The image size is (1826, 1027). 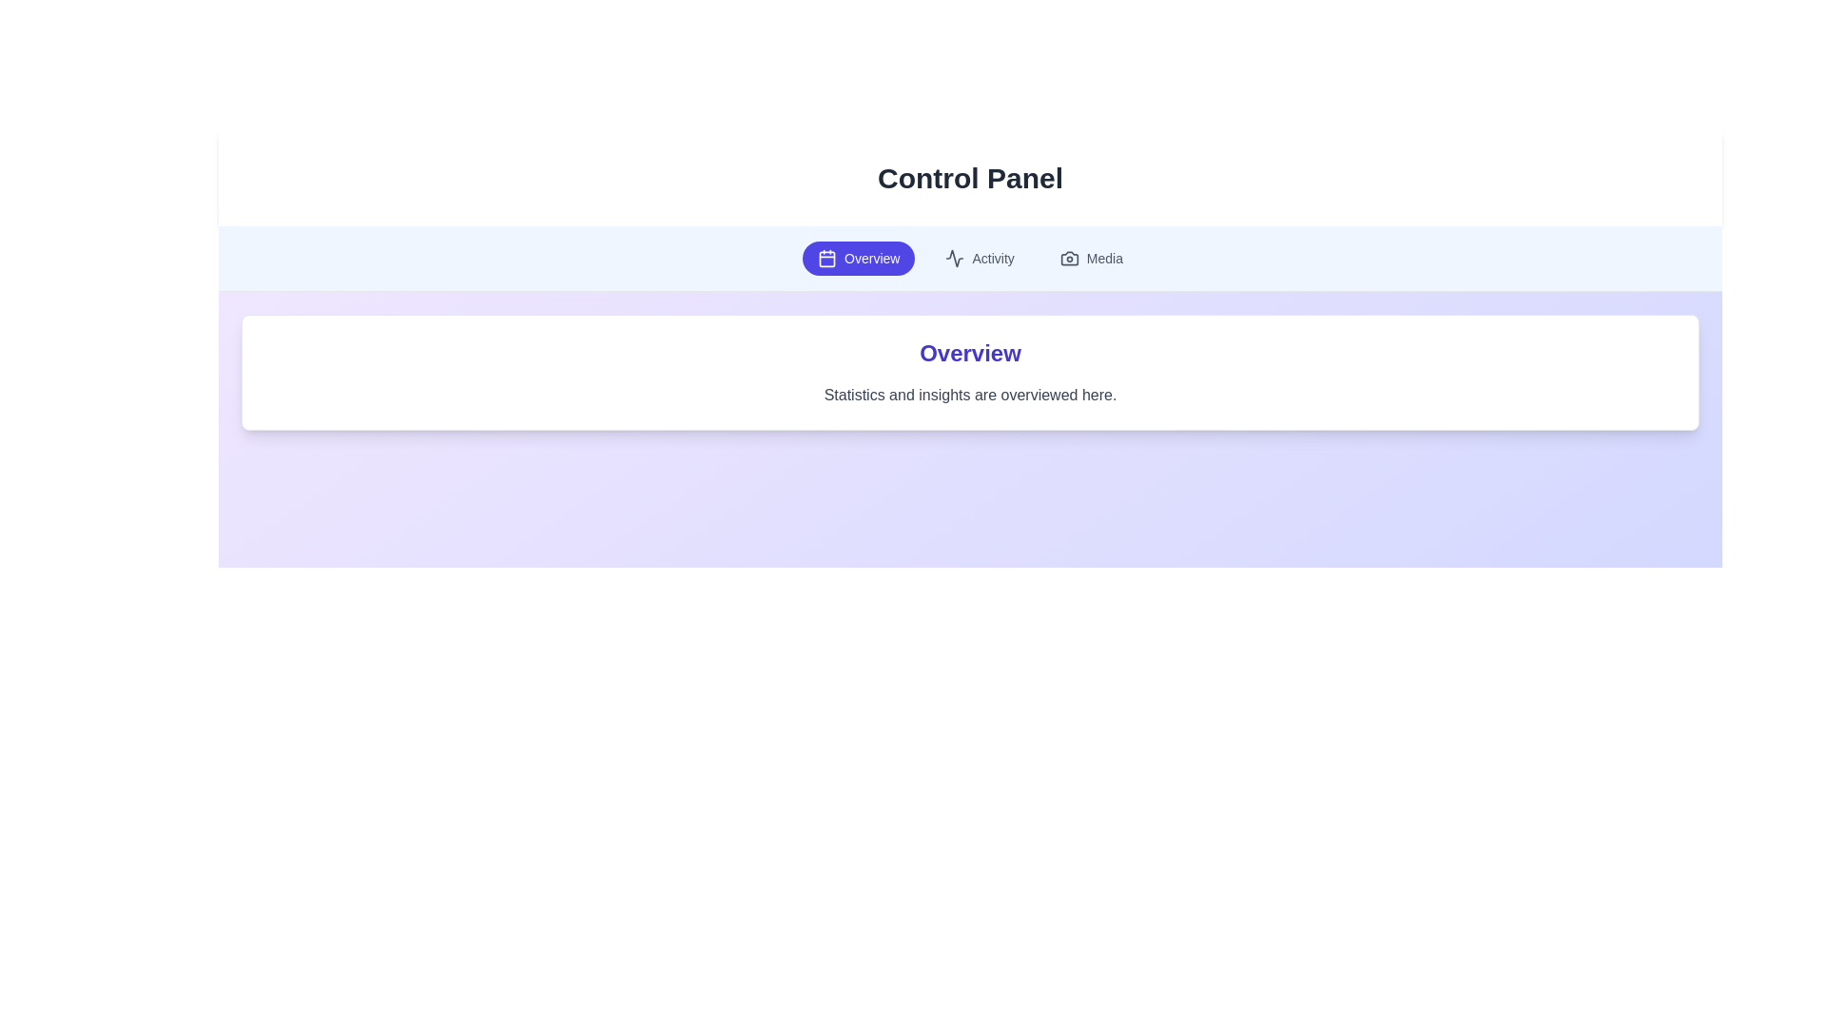 What do you see at coordinates (980, 259) in the screenshot?
I see `the 'Activity' button with rounded corners, gray text, and a line chart icon to change its background color` at bounding box center [980, 259].